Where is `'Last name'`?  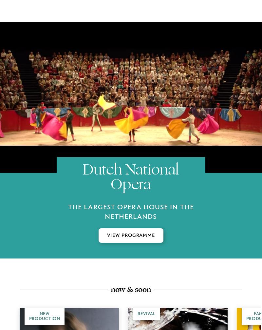 'Last name' is located at coordinates (76, 180).